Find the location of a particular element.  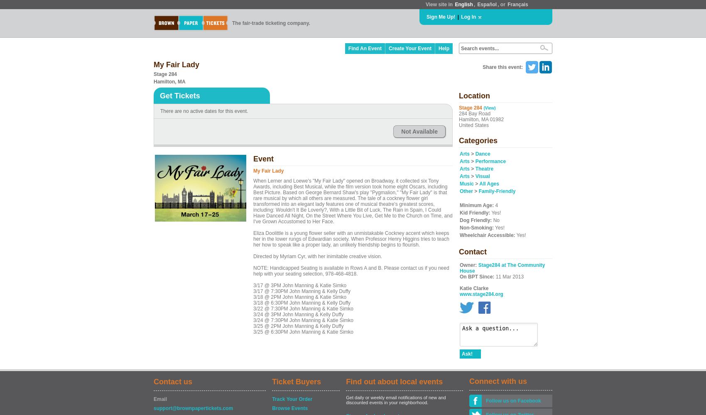

'Français' is located at coordinates (517, 5).